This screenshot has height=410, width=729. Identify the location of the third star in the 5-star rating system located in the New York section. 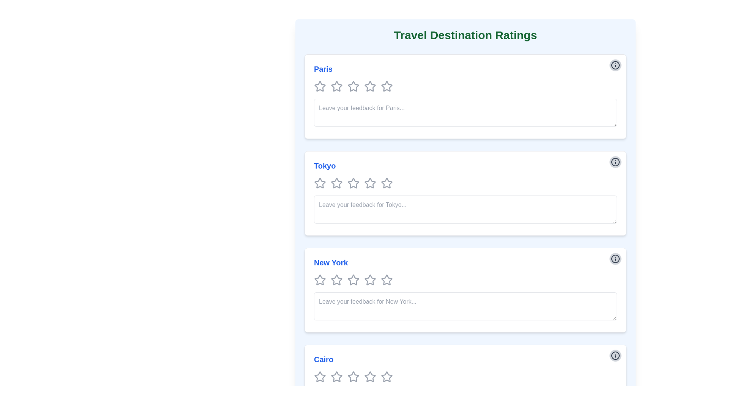
(370, 280).